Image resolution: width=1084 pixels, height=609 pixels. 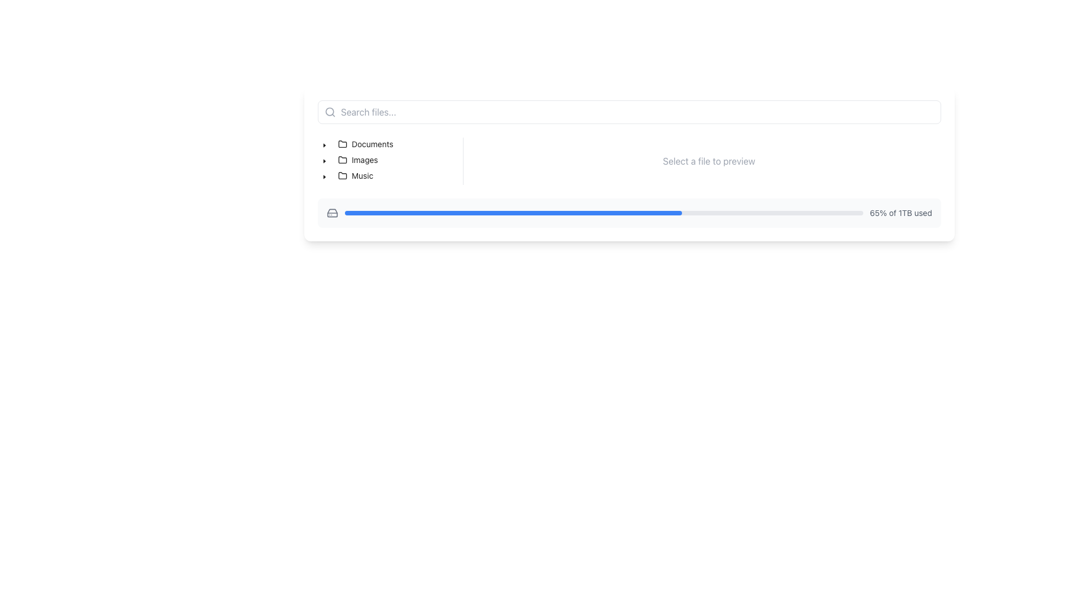 I want to click on the hard drive icon, which is a minimalist gray rectangular shape located at the leftmost position of the interface, adjacent to a progress bar and text labeled '65% of 1TB used.', so click(x=332, y=213).